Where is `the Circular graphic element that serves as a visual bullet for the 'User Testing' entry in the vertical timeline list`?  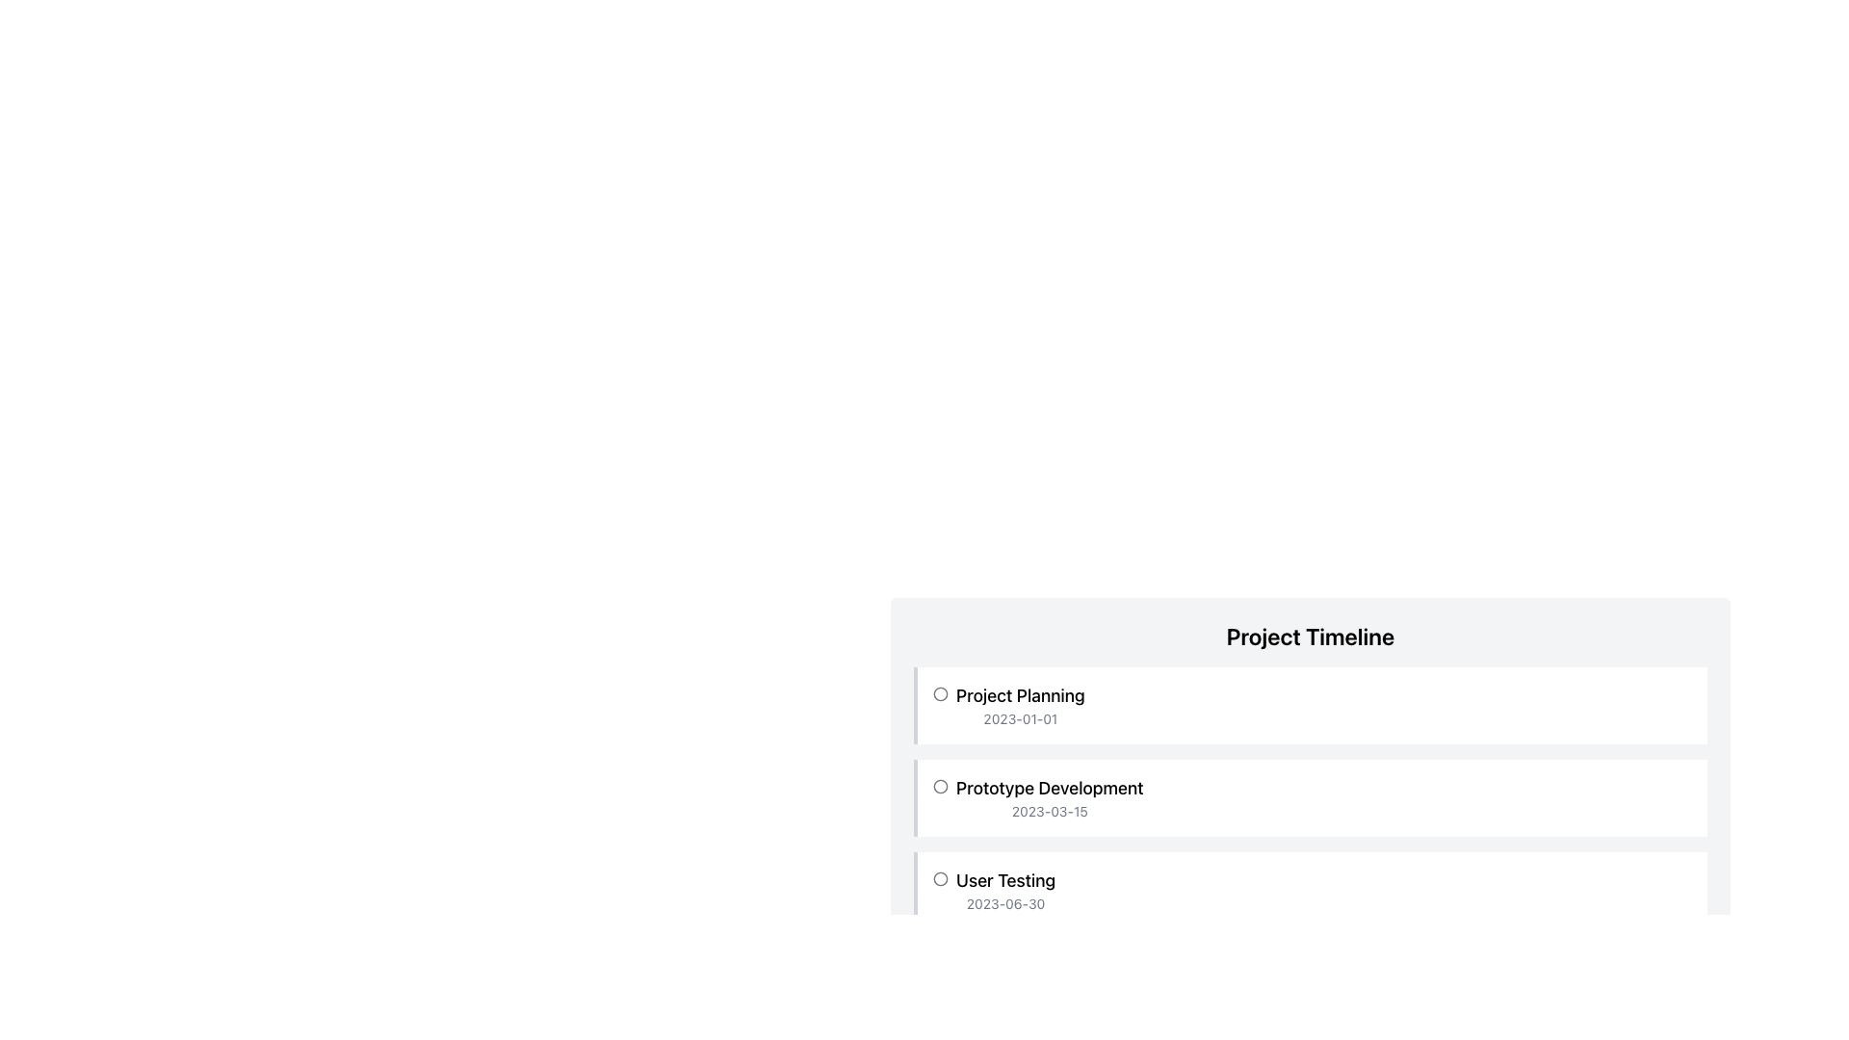 the Circular graphic element that serves as a visual bullet for the 'User Testing' entry in the vertical timeline list is located at coordinates (941, 879).